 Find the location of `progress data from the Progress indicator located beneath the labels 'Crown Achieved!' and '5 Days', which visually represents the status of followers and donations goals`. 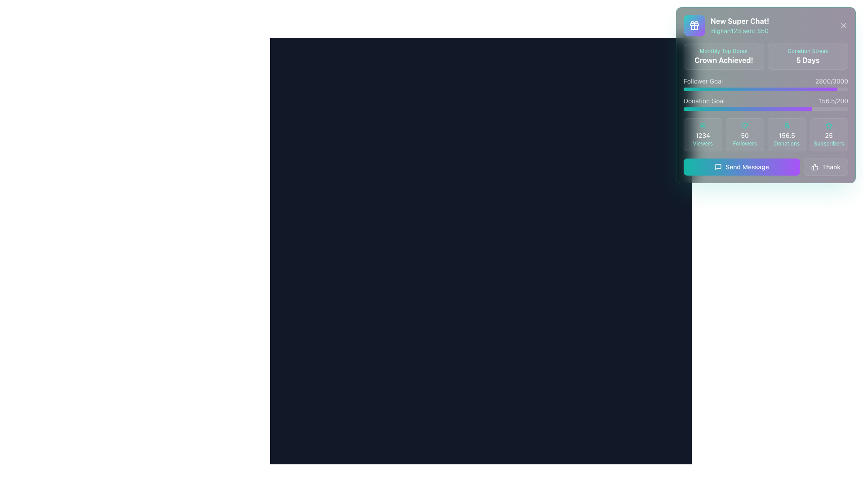

progress data from the Progress indicator located beneath the labels 'Crown Achieved!' and '5 Days', which visually represents the status of followers and donations goals is located at coordinates (765, 93).